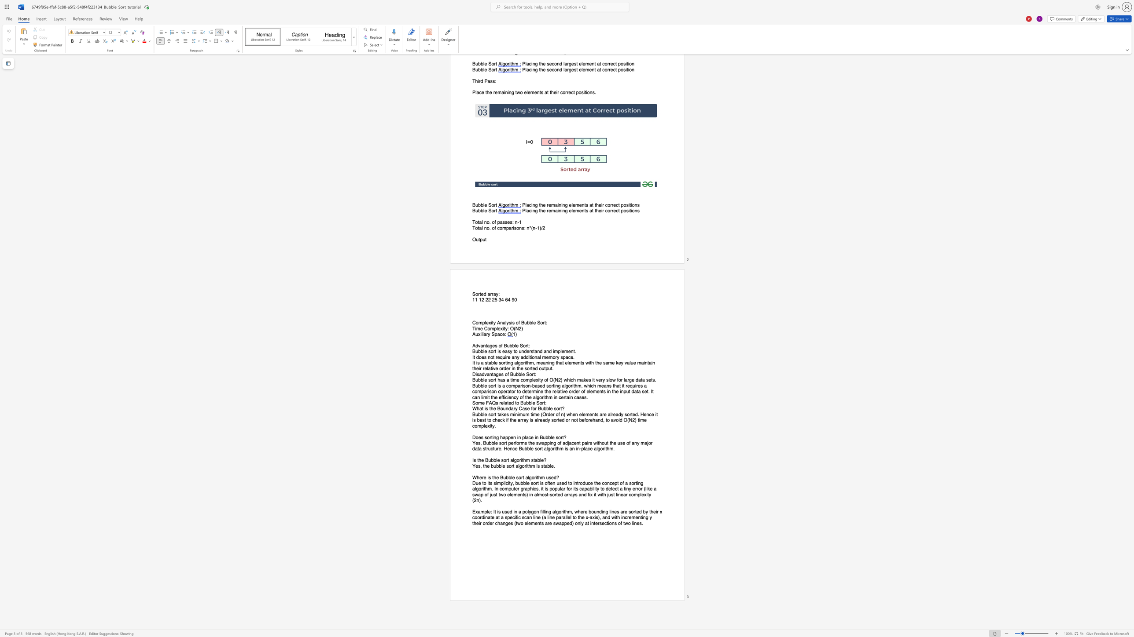 This screenshot has height=637, width=1134. Describe the element at coordinates (594, 517) in the screenshot. I see `the 14th character "i" in the text` at that location.